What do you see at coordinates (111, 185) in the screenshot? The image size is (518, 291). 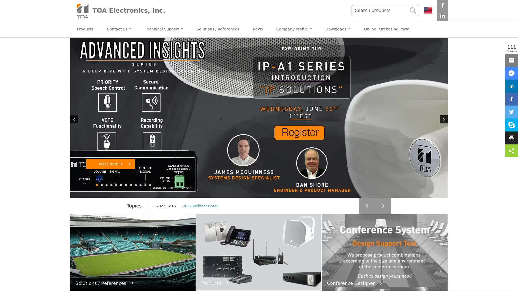 I see `4` at bounding box center [111, 185].